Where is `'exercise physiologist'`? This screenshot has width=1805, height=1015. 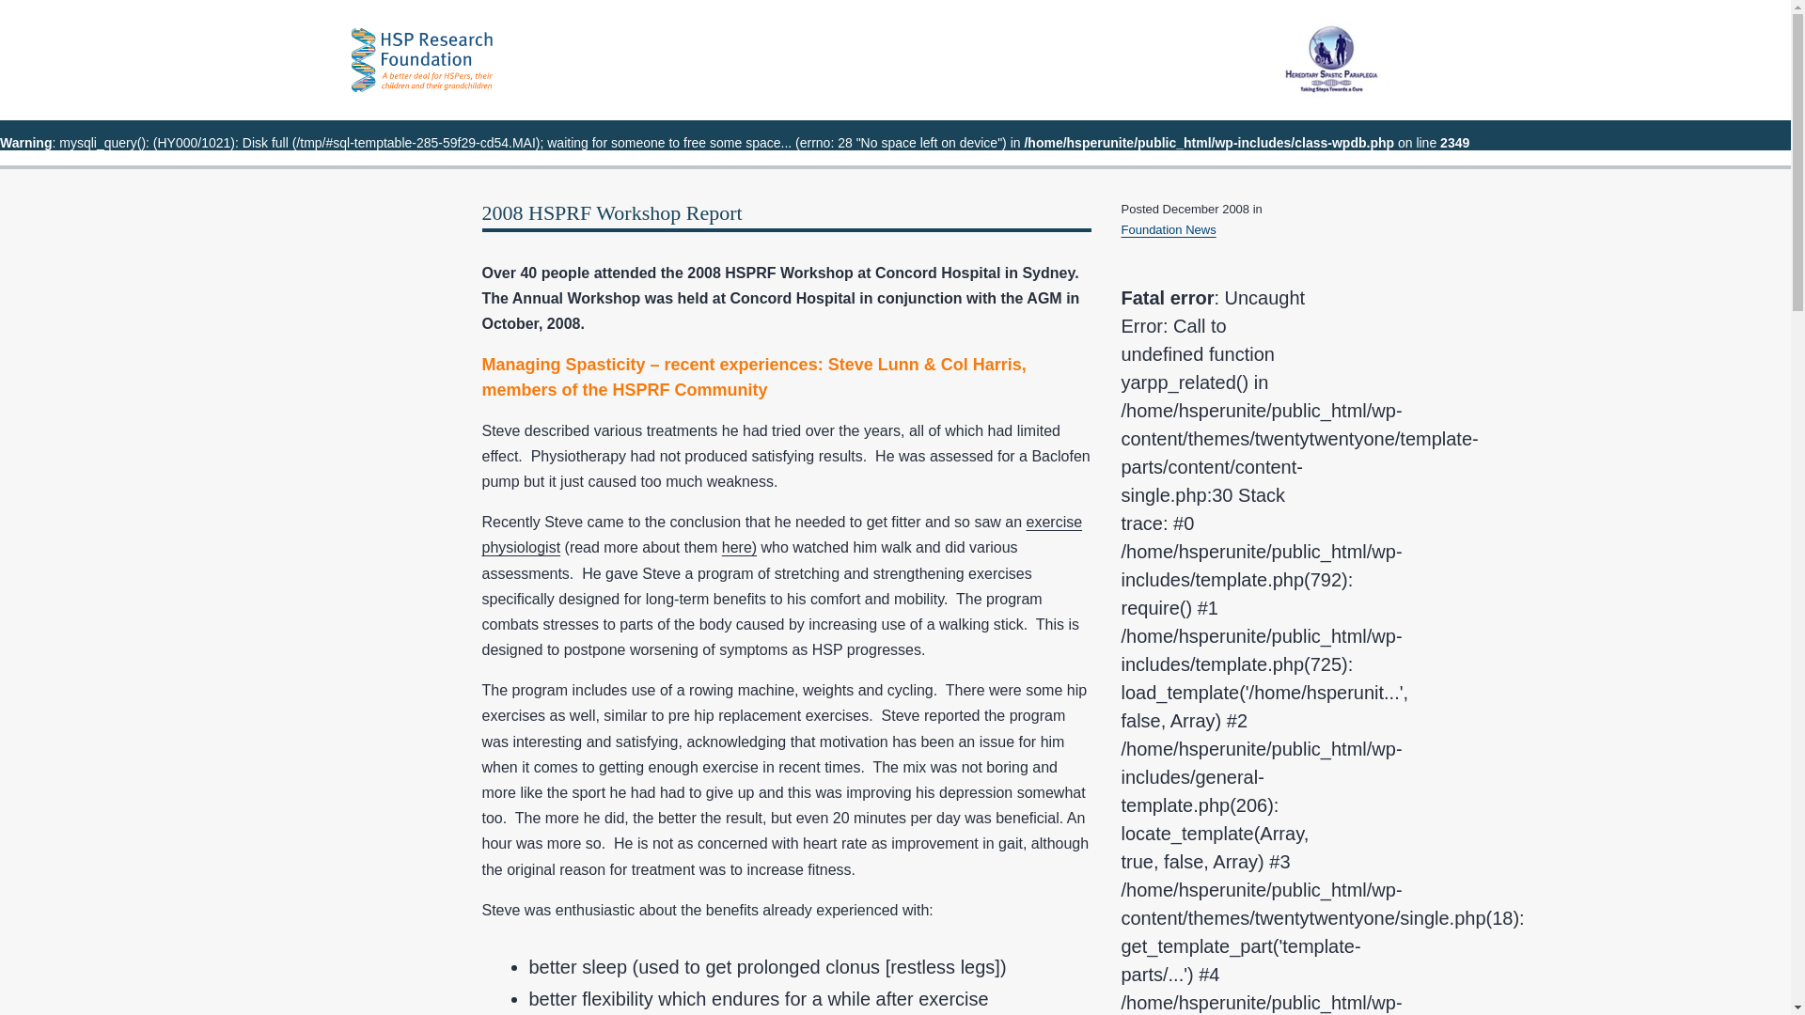 'exercise physiologist' is located at coordinates (781, 535).